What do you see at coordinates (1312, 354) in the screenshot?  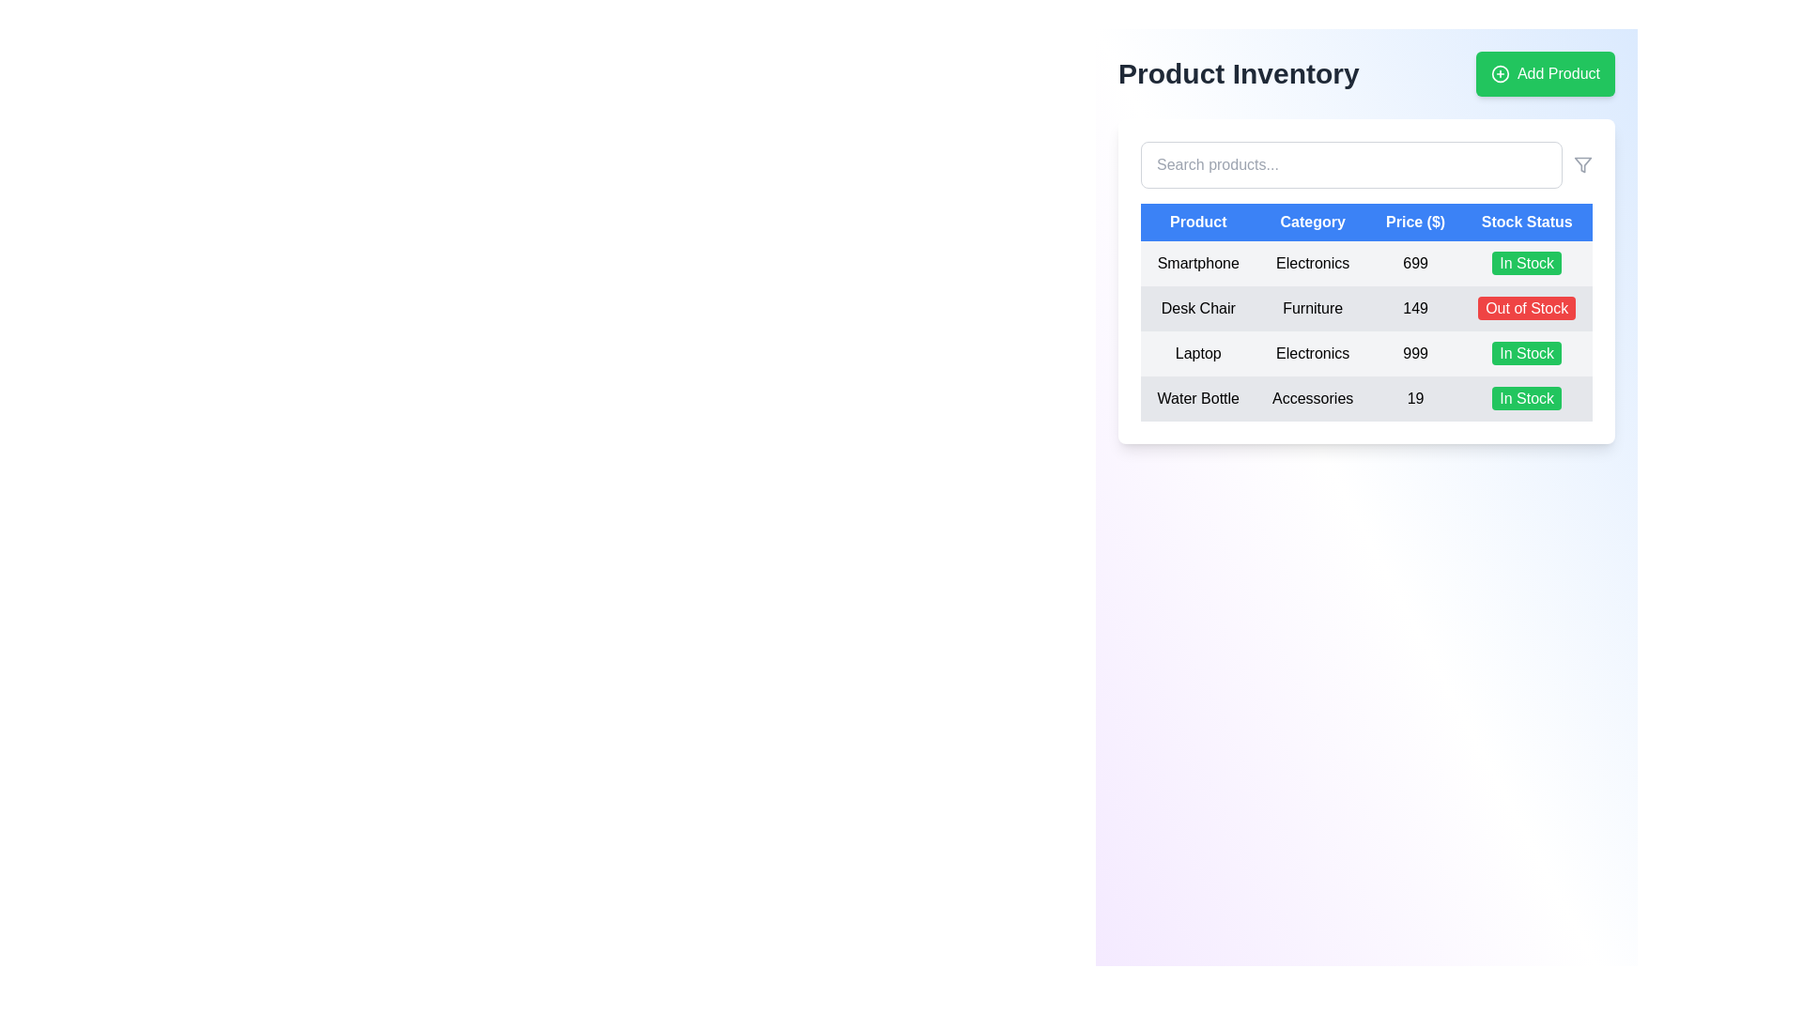 I see `the text label representing the product category 'Laptop' in the inventory table, located in the second column of the row associated with the product name` at bounding box center [1312, 354].